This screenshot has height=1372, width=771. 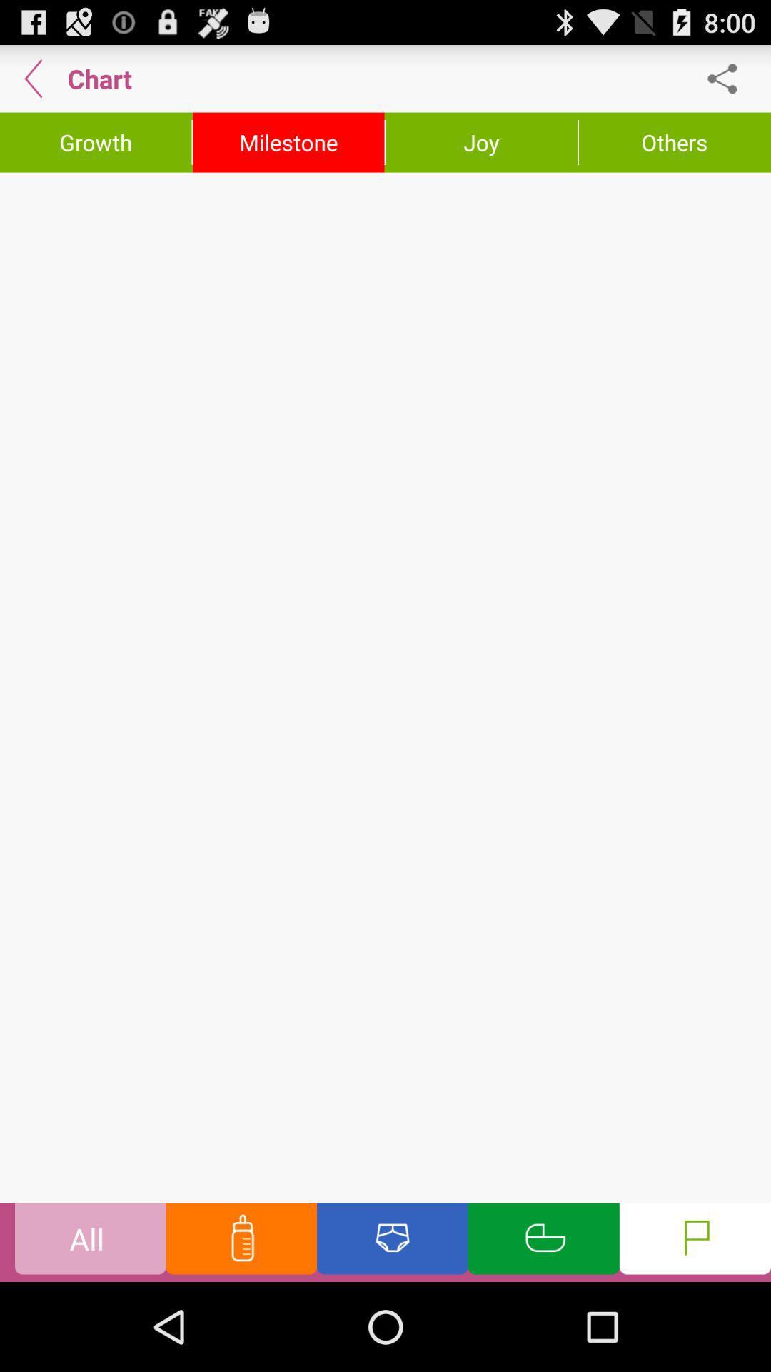 What do you see at coordinates (544, 1241) in the screenshot?
I see `the option which is green in color in the bottom` at bounding box center [544, 1241].